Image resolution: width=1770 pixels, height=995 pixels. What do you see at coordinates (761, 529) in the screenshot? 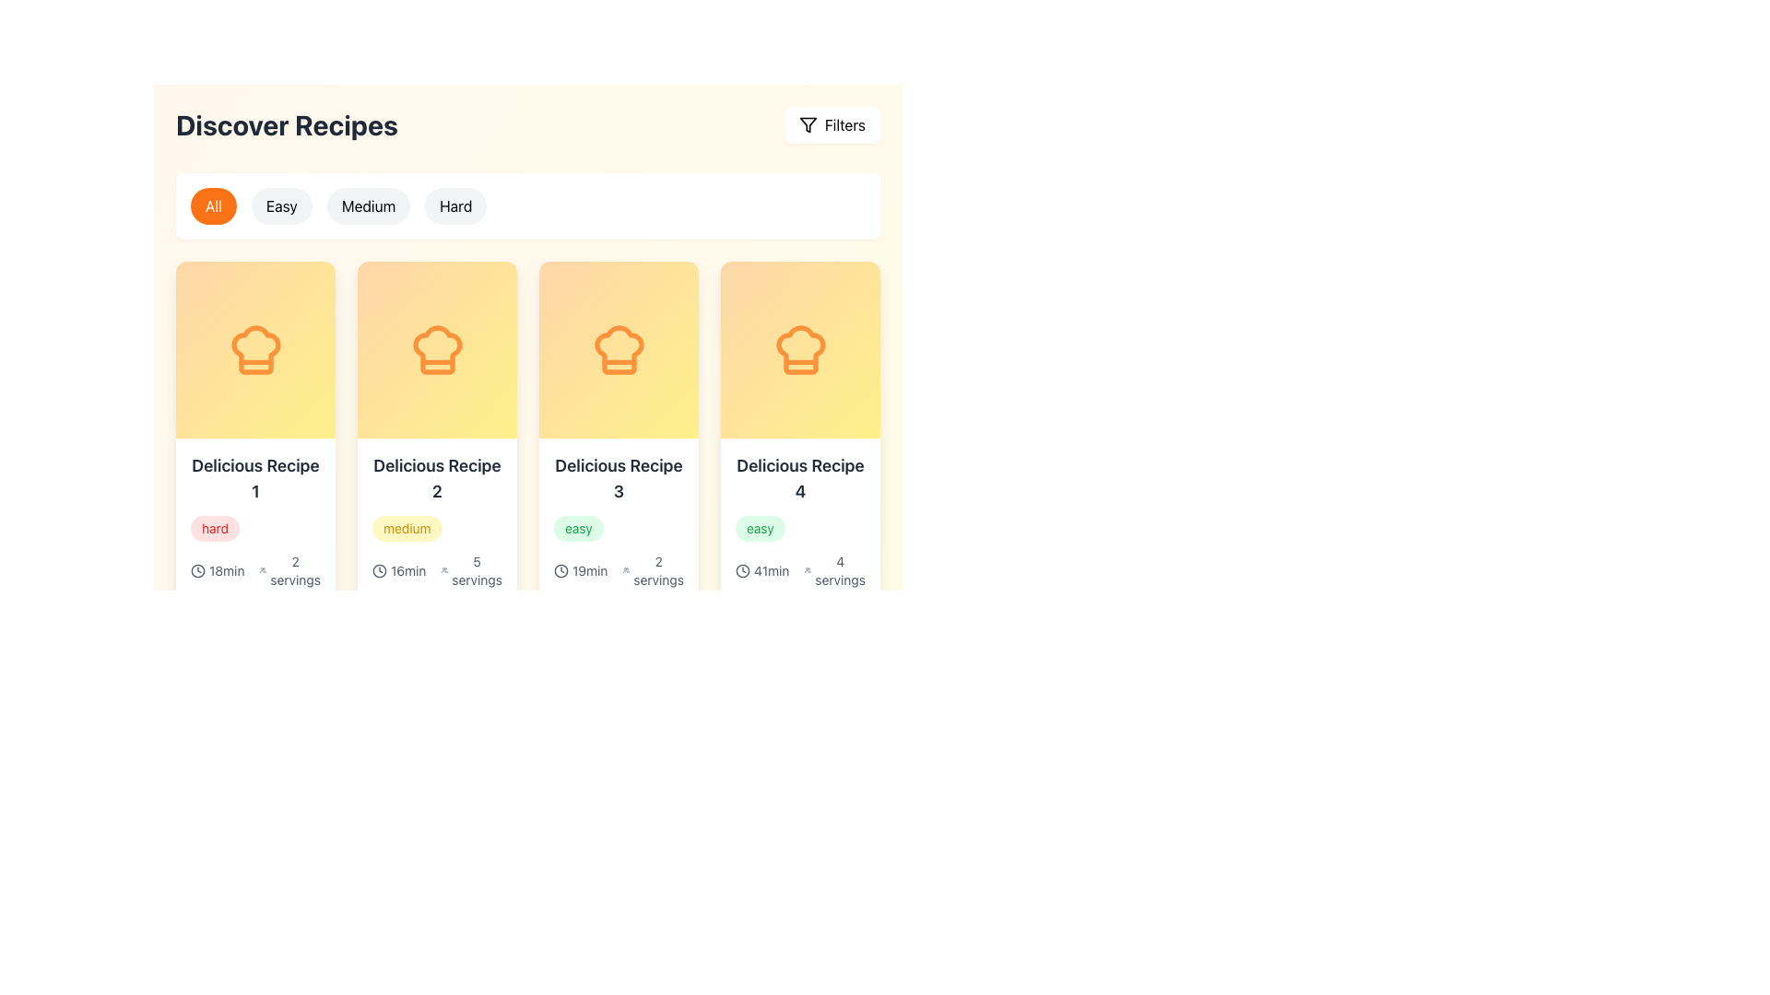
I see `the pill-shaped label with the text 'easy', which has a green font on a light green background, located in the bottom-middle part of the 'Delicious Recipe 4' card` at bounding box center [761, 529].